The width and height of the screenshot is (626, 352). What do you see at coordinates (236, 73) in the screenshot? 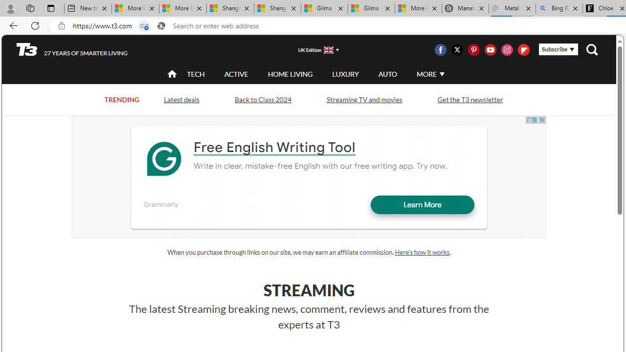
I see `'ACTIVE'` at bounding box center [236, 73].